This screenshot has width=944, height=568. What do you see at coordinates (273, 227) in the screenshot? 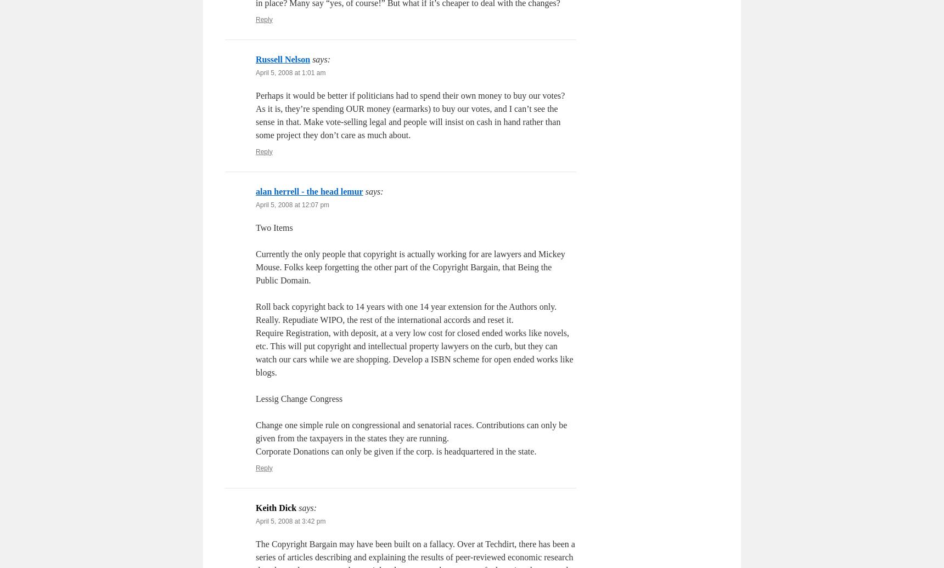
I see `'Two Items'` at bounding box center [273, 227].